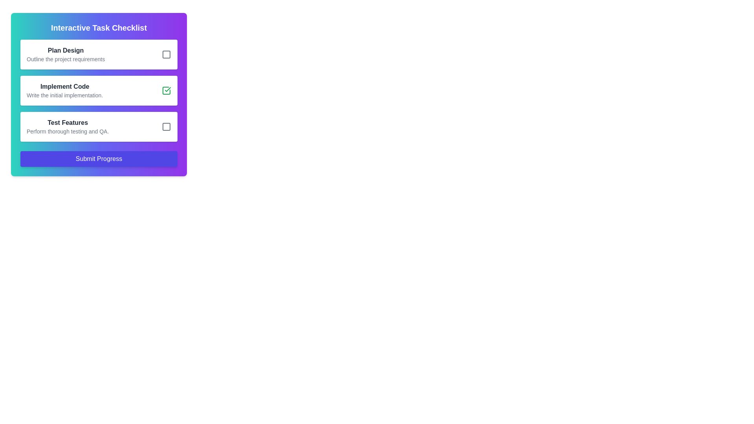 The image size is (754, 424). I want to click on the static text block displaying 'Perform thorough testing and QA.' located below the 'Test Features' heading in the third content section of the interactive checklist, so click(68, 131).